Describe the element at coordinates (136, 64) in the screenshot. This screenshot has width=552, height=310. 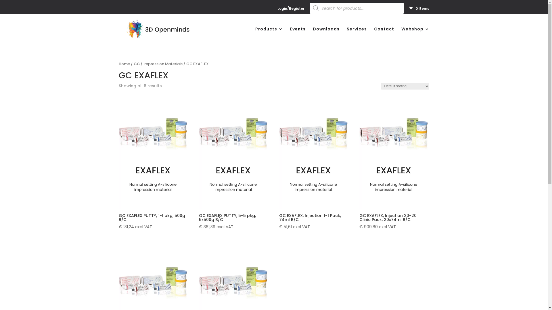
I see `'GC'` at that location.